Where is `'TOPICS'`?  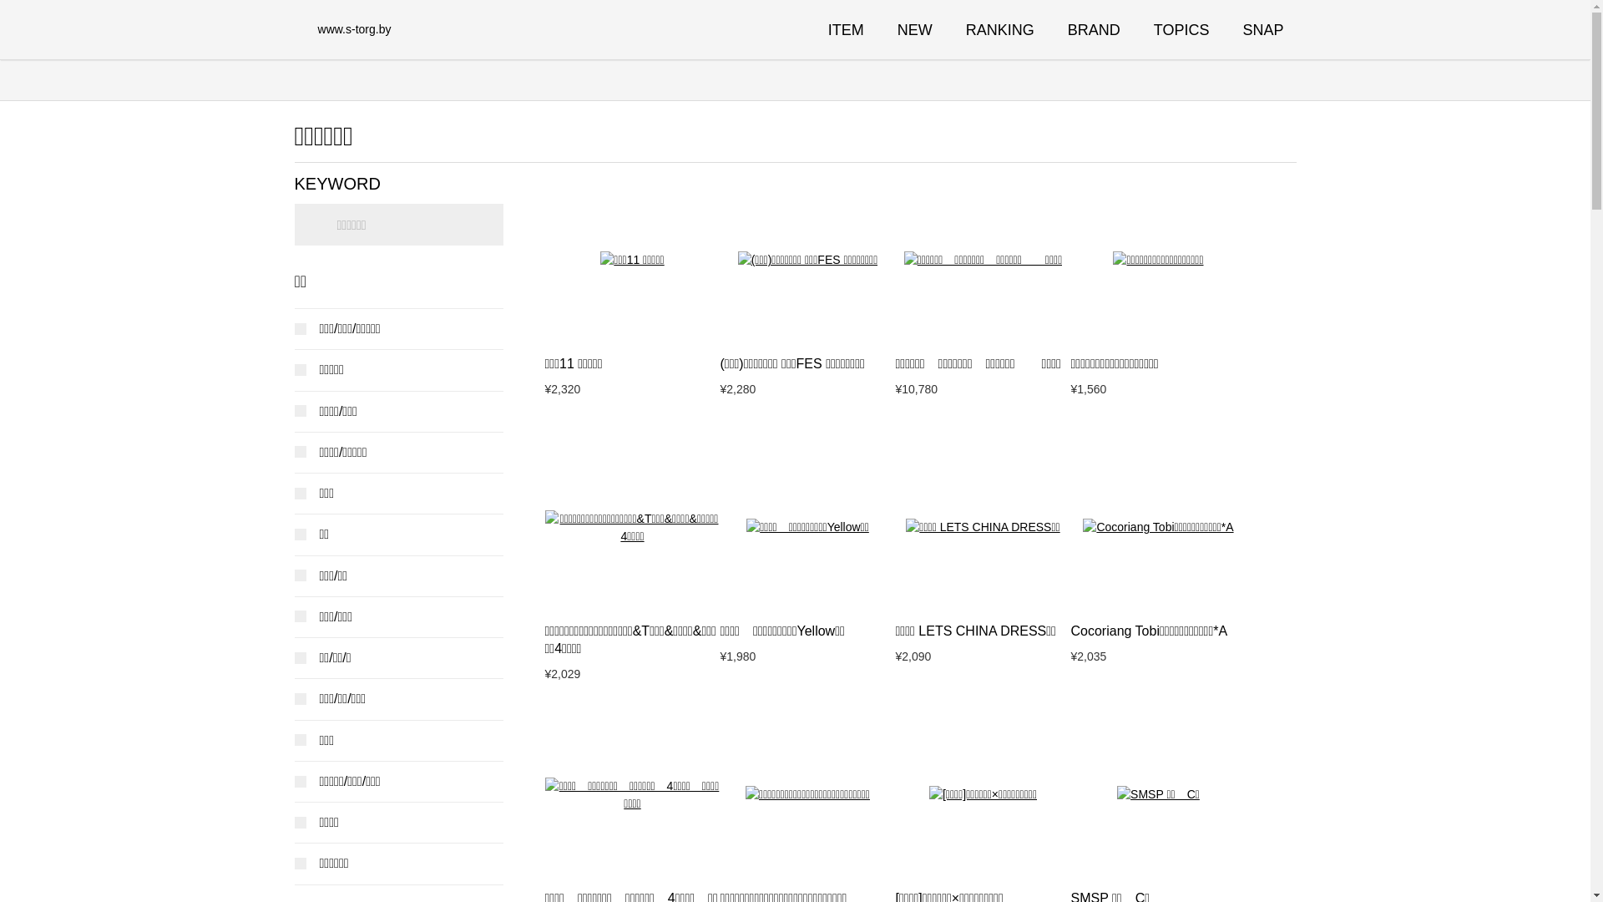 'TOPICS' is located at coordinates (1153, 29).